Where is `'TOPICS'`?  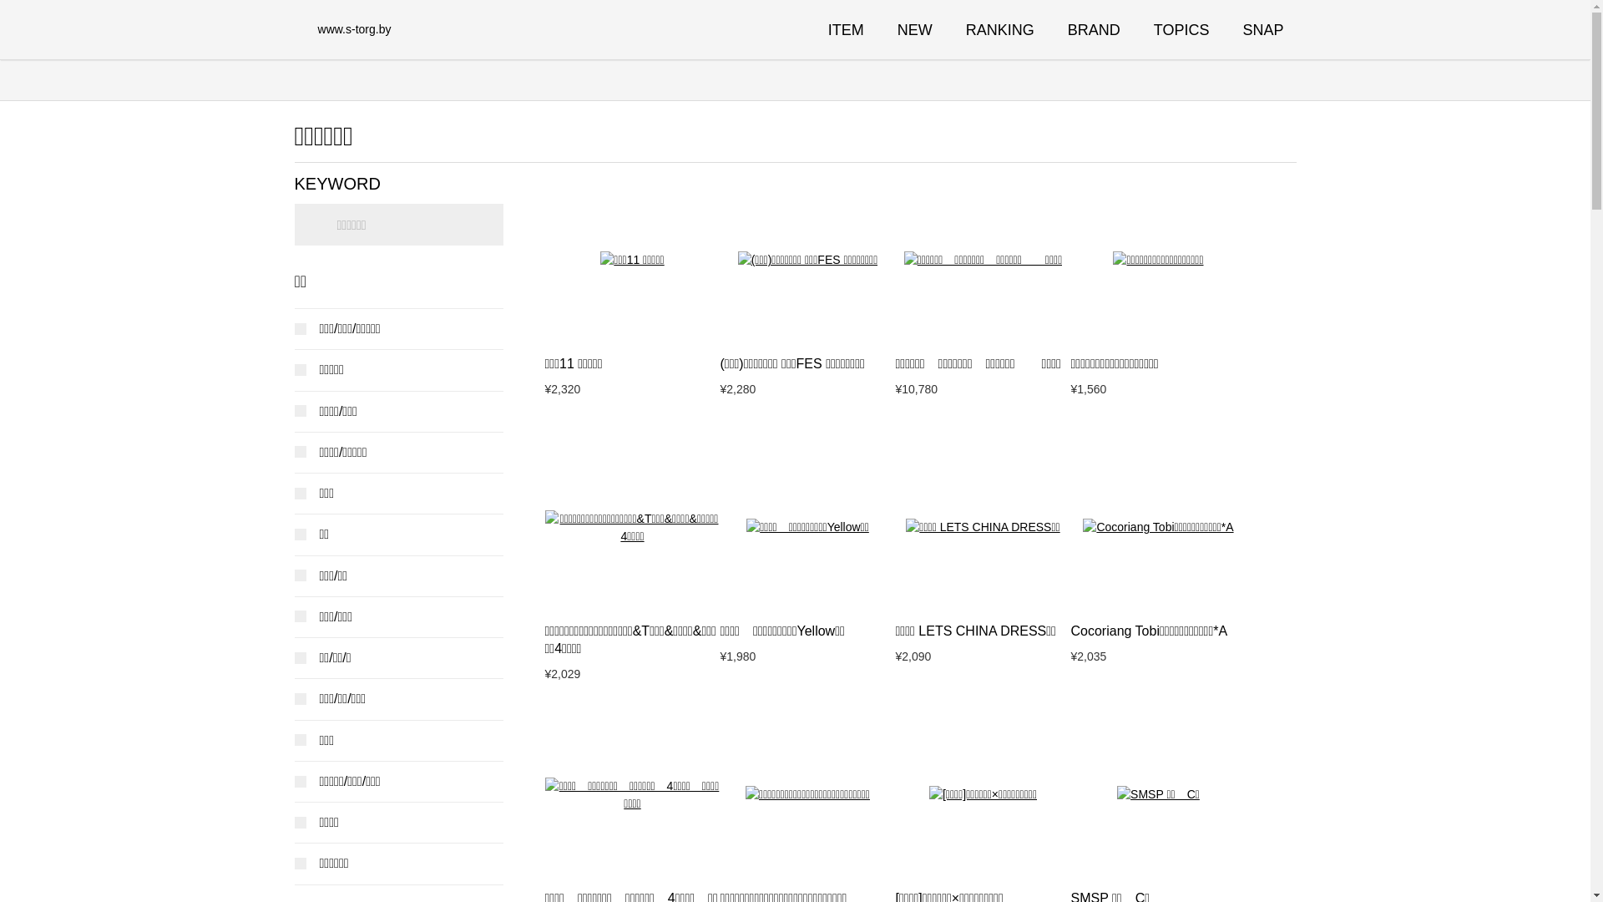 'TOPICS' is located at coordinates (1153, 29).